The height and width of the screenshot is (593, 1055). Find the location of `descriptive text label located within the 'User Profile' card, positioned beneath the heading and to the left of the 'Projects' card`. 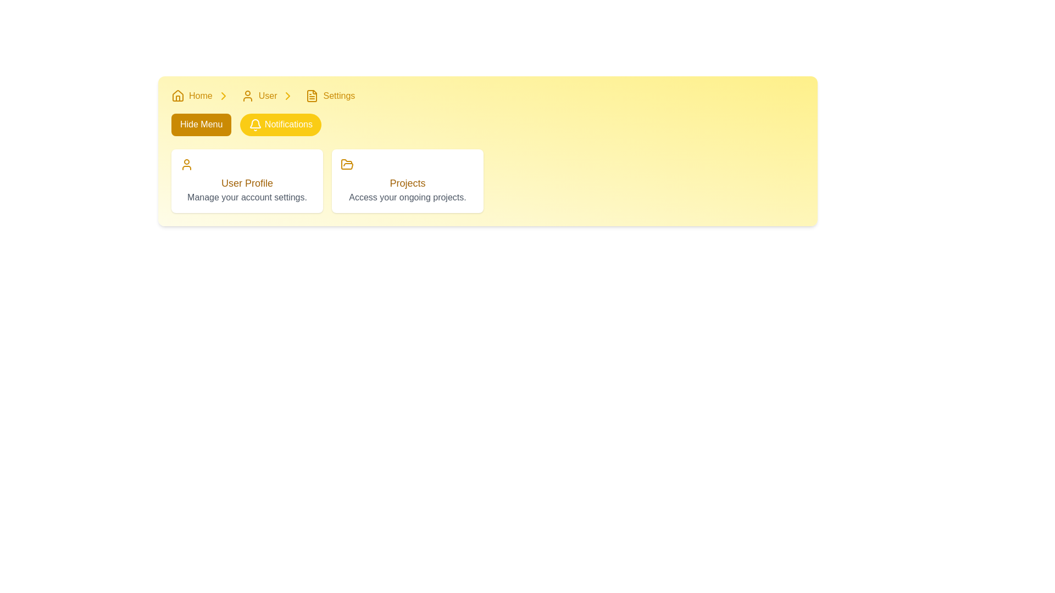

descriptive text label located within the 'User Profile' card, positioned beneath the heading and to the left of the 'Projects' card is located at coordinates (247, 196).